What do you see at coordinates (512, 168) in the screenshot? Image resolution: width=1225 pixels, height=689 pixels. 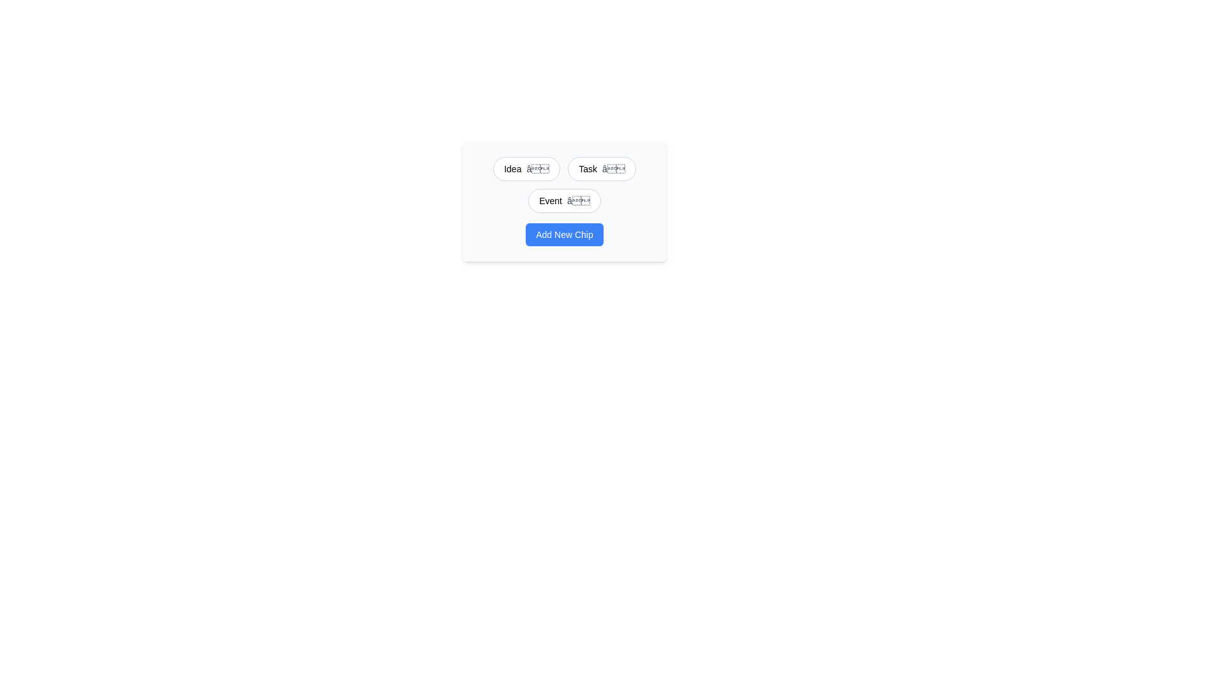 I see `the chip labeled Idea` at bounding box center [512, 168].